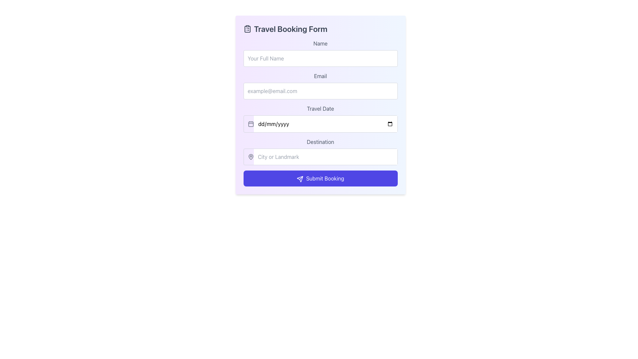 The width and height of the screenshot is (638, 359). What do you see at coordinates (320, 124) in the screenshot?
I see `the Date input field in the 'Travel Date' section` at bounding box center [320, 124].